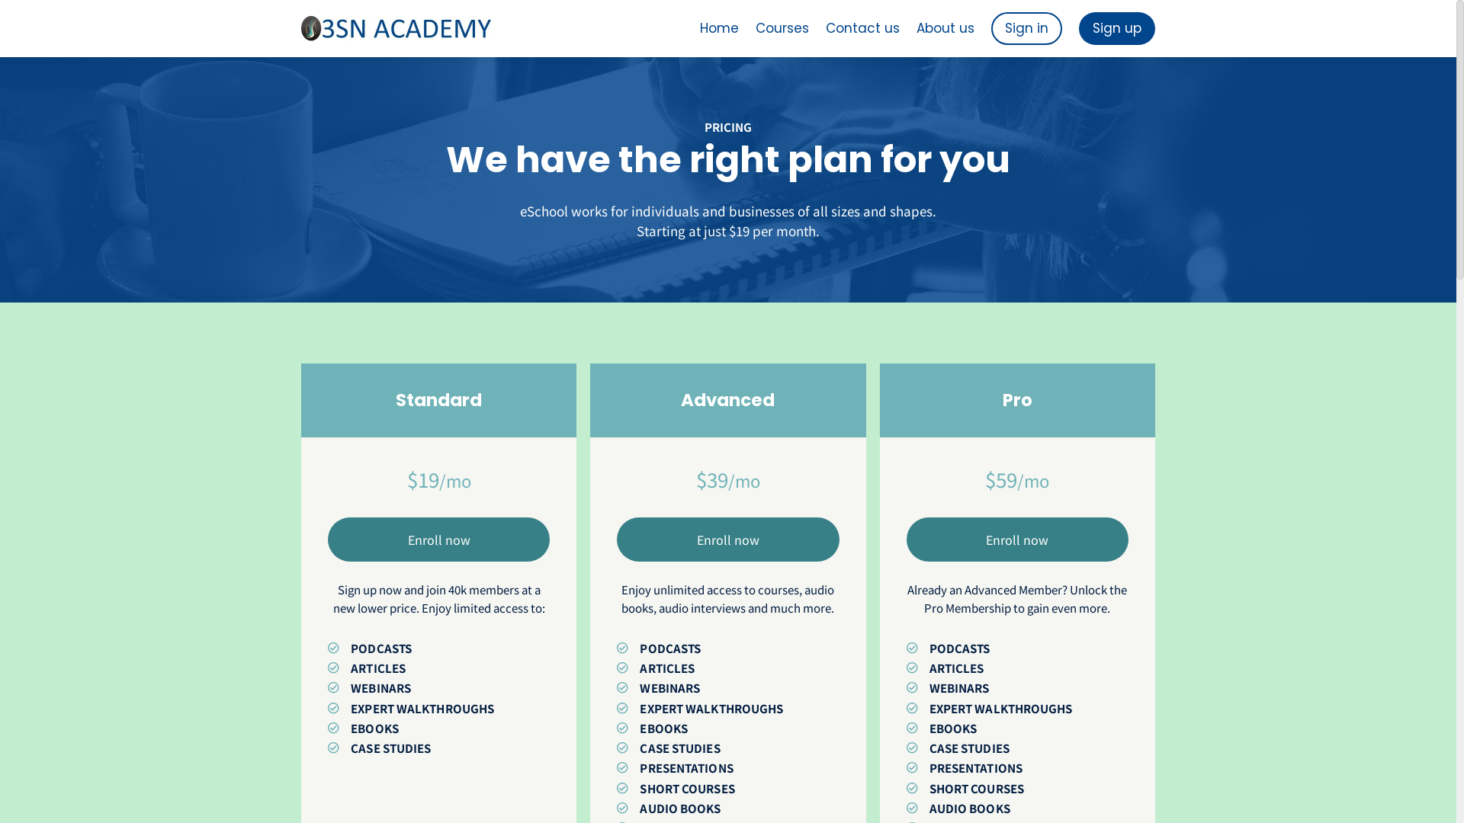  I want to click on 'Enroll now', so click(438, 539).